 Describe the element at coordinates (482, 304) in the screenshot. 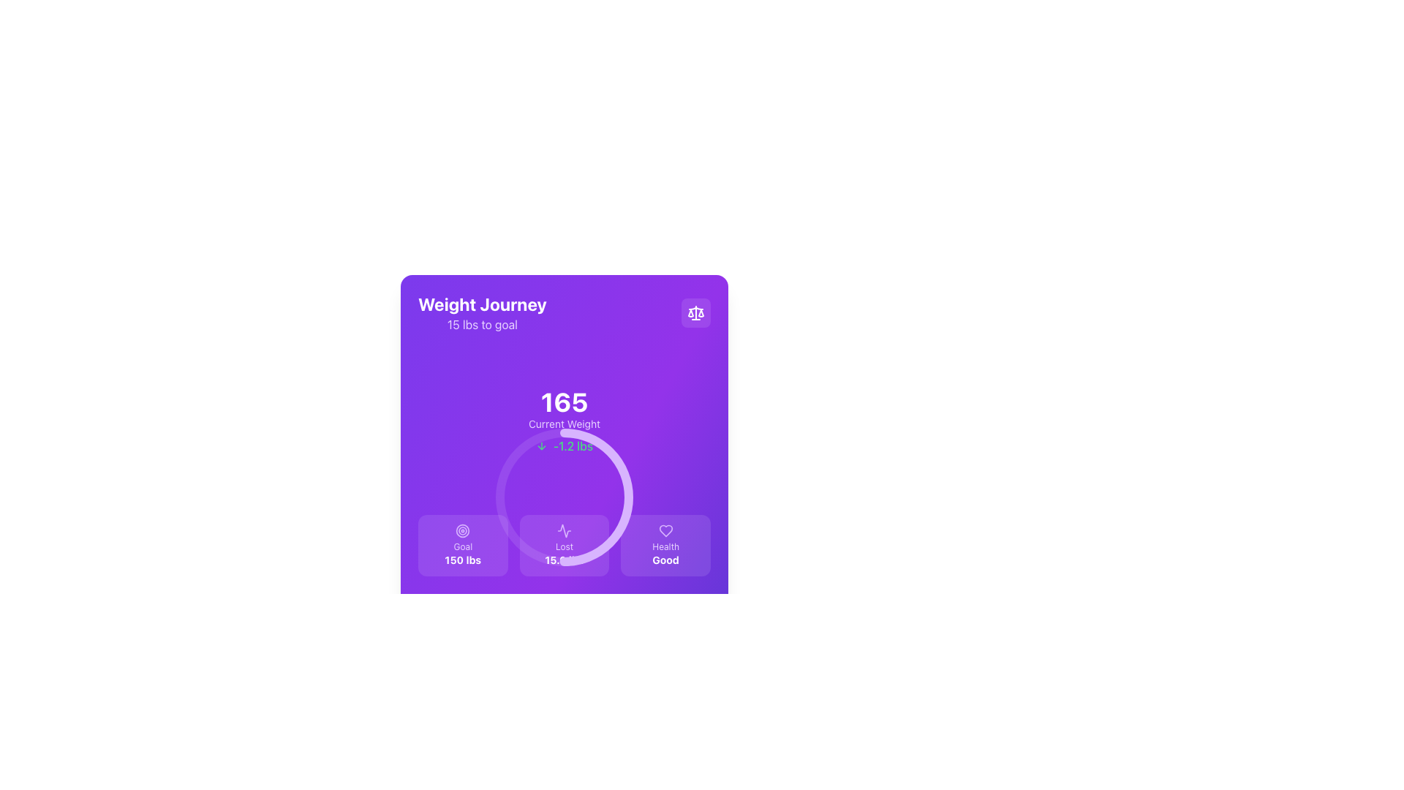

I see `the 'Weight Journey' static text element, which is displayed in bold white font on a purple card, located at the top-left corner of the card` at that location.